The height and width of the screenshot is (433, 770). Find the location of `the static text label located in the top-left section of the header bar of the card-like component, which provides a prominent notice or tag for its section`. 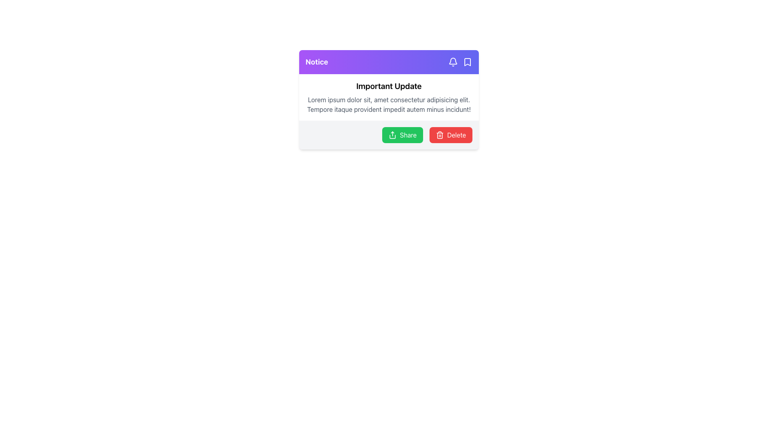

the static text label located in the top-left section of the header bar of the card-like component, which provides a prominent notice or tag for its section is located at coordinates (316, 61).